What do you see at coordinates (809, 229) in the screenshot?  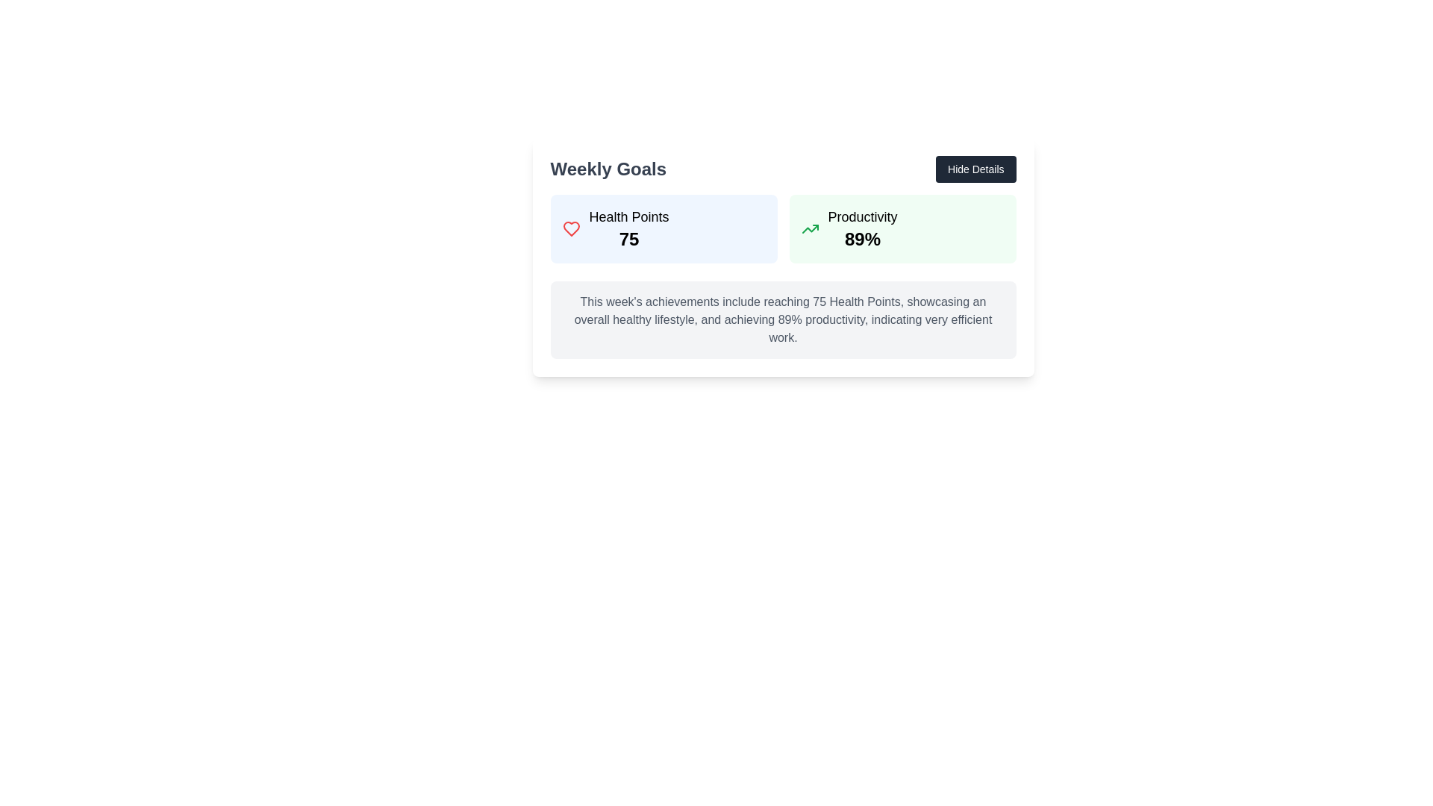 I see `the green upward trending arrow icon located within the 'Productivity 89%' section, which signifies growth or improvement` at bounding box center [809, 229].